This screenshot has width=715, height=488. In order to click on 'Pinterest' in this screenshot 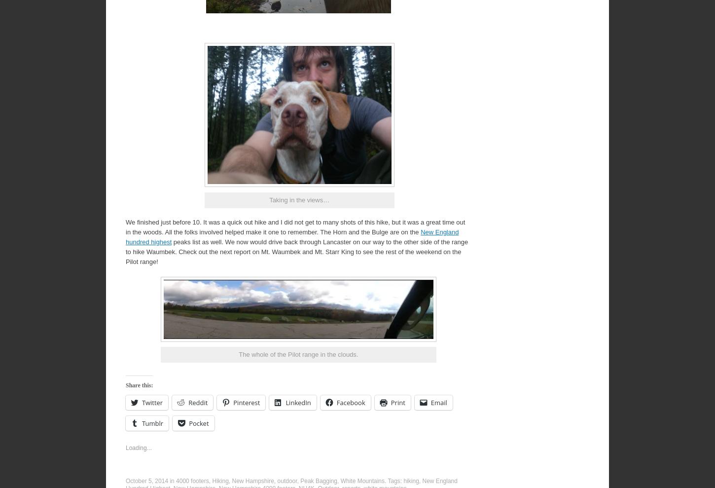, I will do `click(246, 402)`.